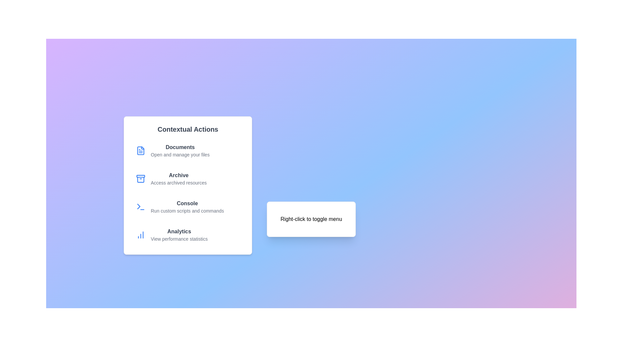 This screenshot has height=361, width=642. What do you see at coordinates (187, 151) in the screenshot?
I see `the menu option Documents to execute its action` at bounding box center [187, 151].